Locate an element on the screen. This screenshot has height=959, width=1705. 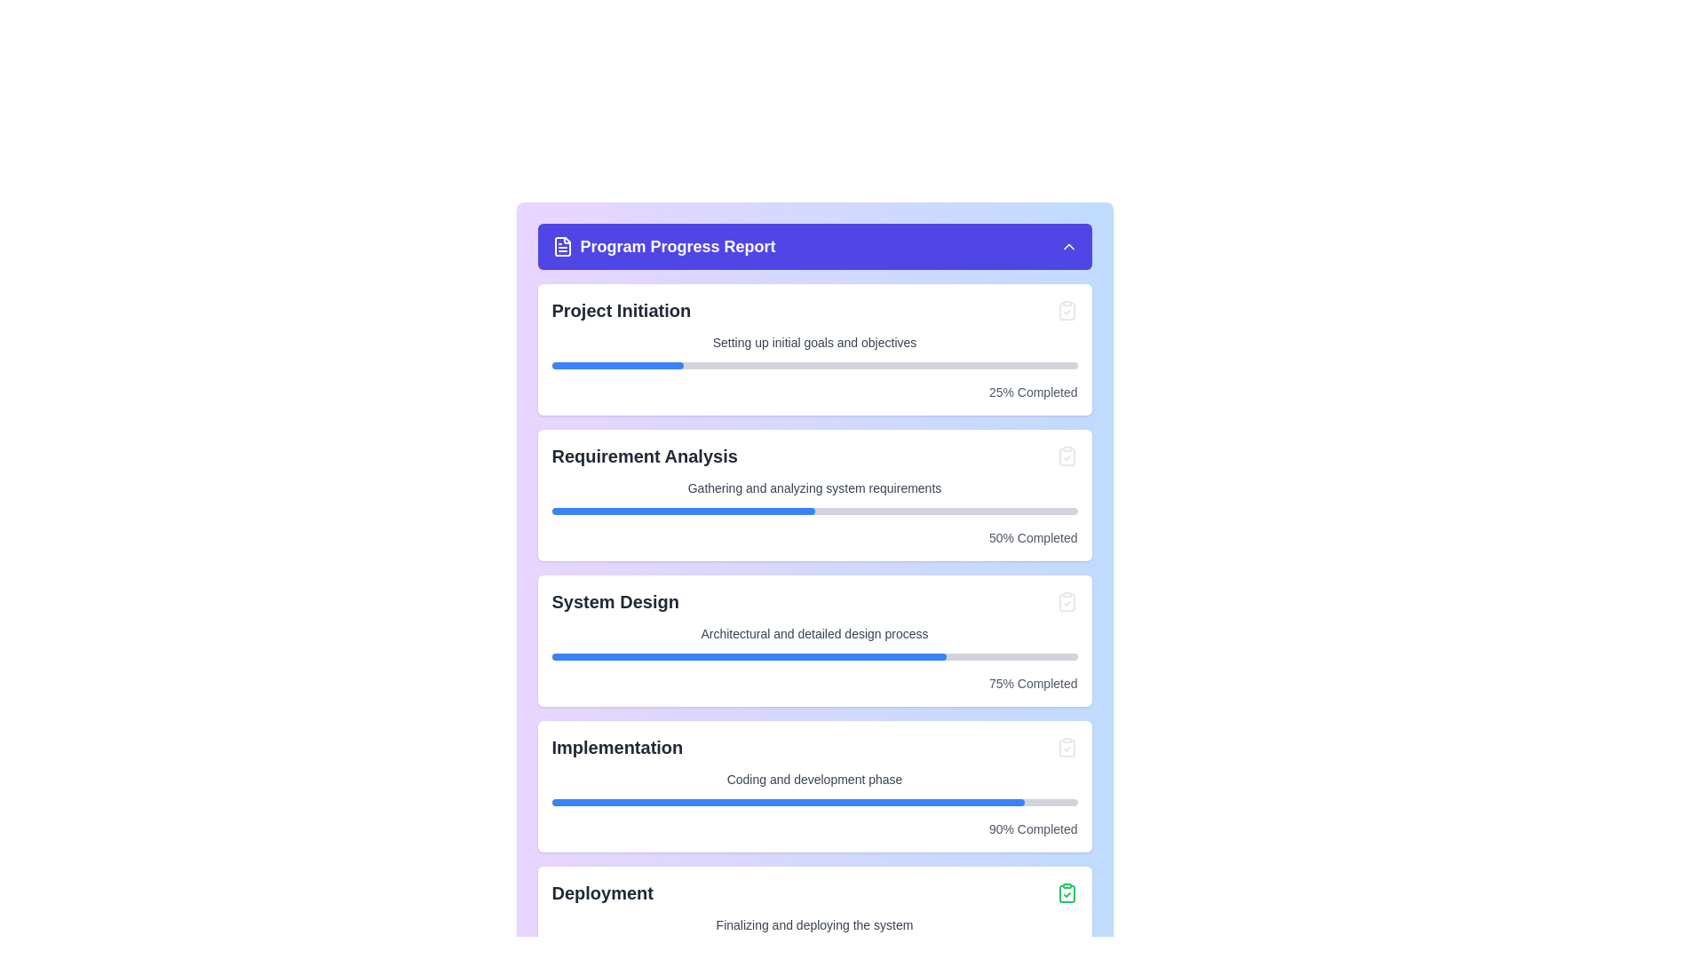
text titled 'System Design' located in the 'Program Progress Report' panel to understand the context of this section is located at coordinates (615, 601).